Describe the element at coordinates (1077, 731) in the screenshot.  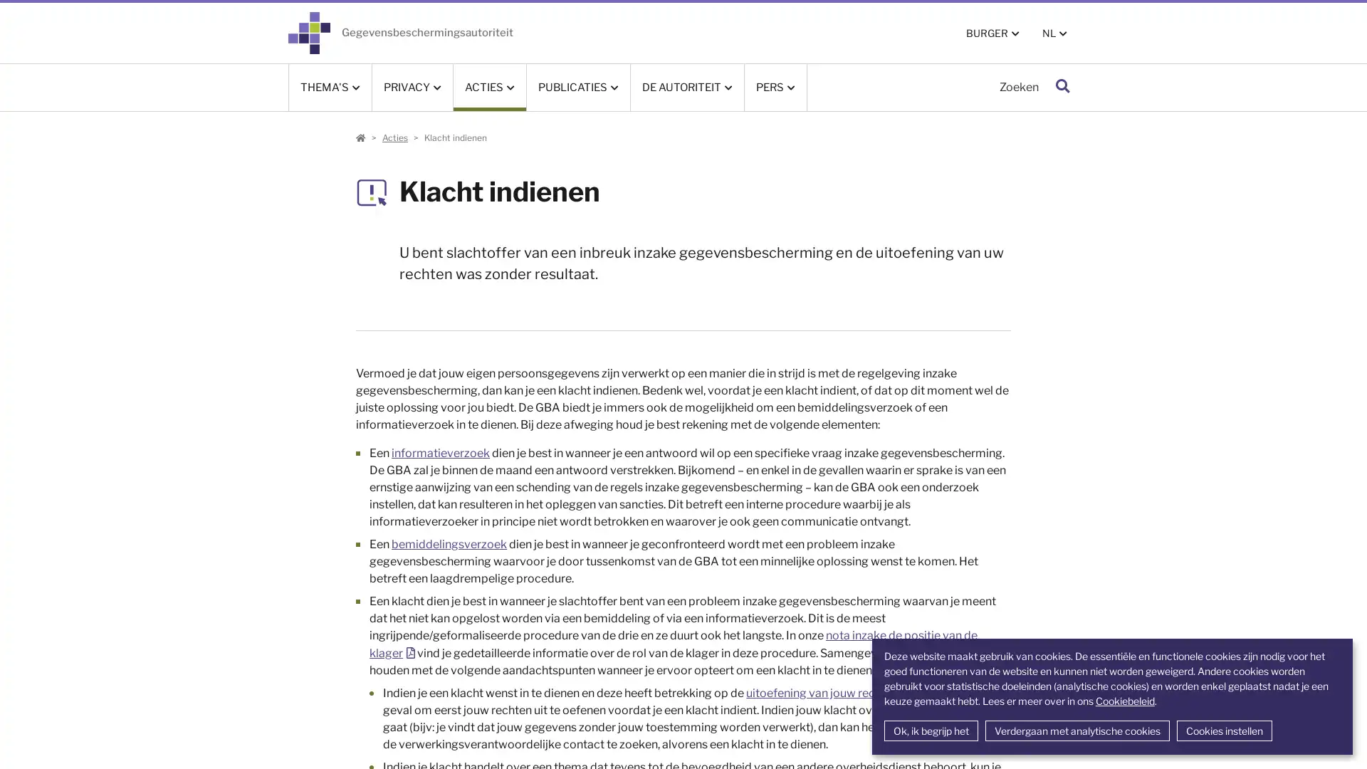
I see `Verdergaan met analytische cookies` at that location.